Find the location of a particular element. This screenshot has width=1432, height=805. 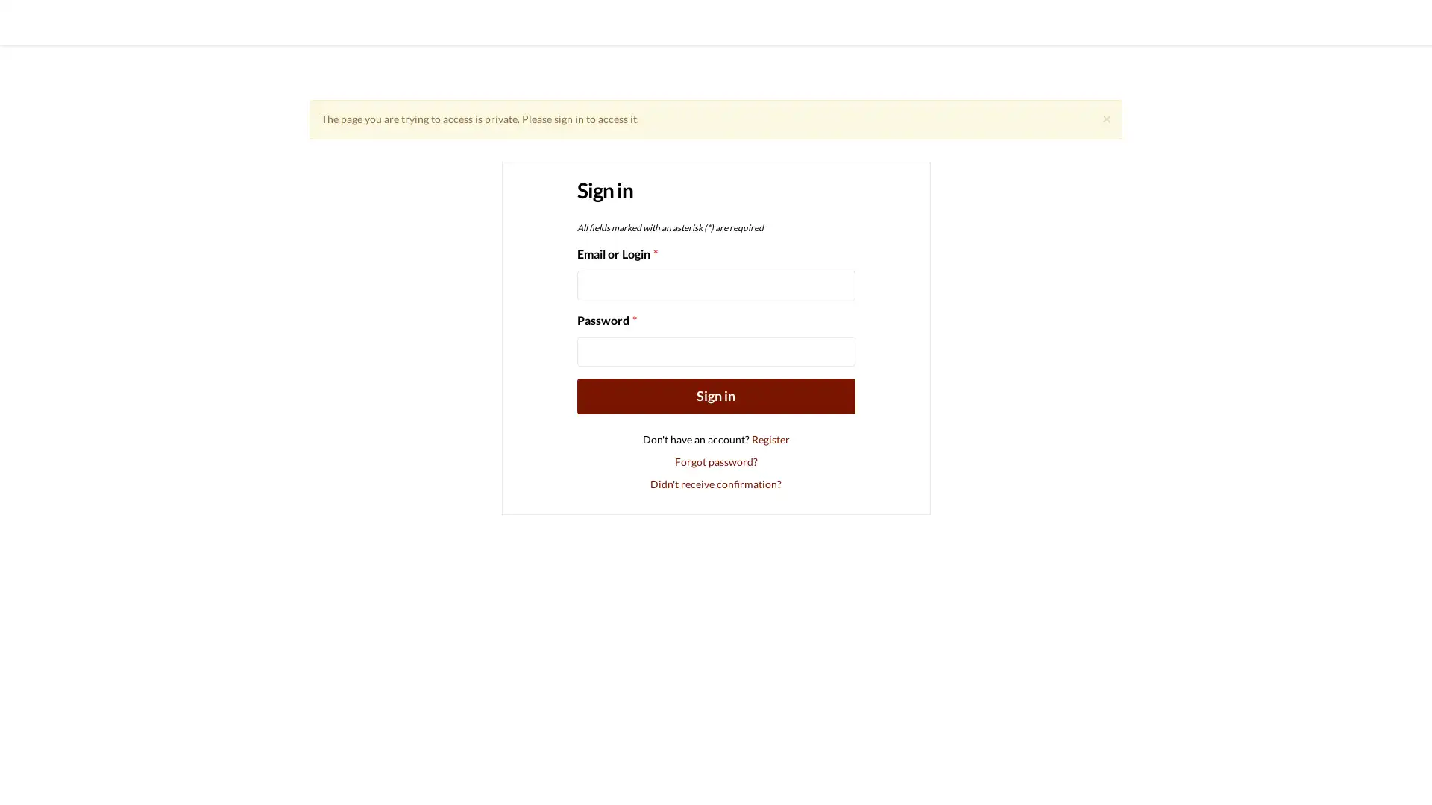

Forgot password? is located at coordinates (715, 460).